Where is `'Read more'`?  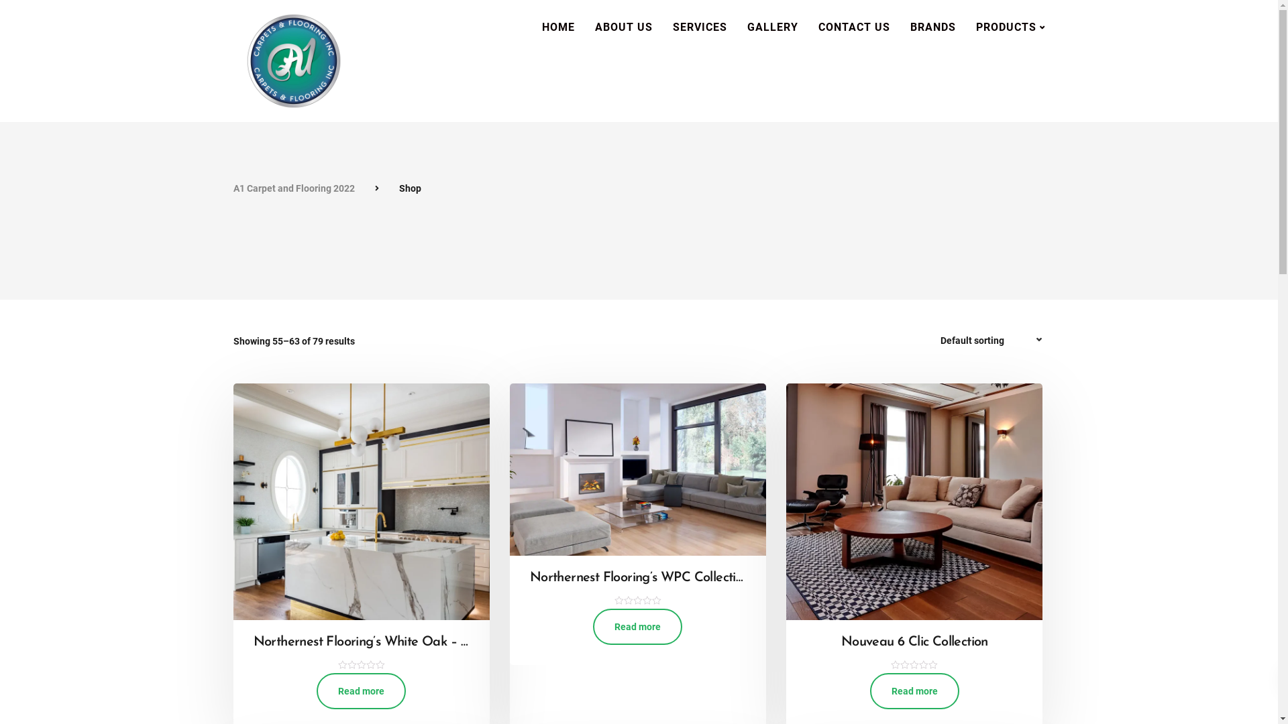 'Read more' is located at coordinates (869, 690).